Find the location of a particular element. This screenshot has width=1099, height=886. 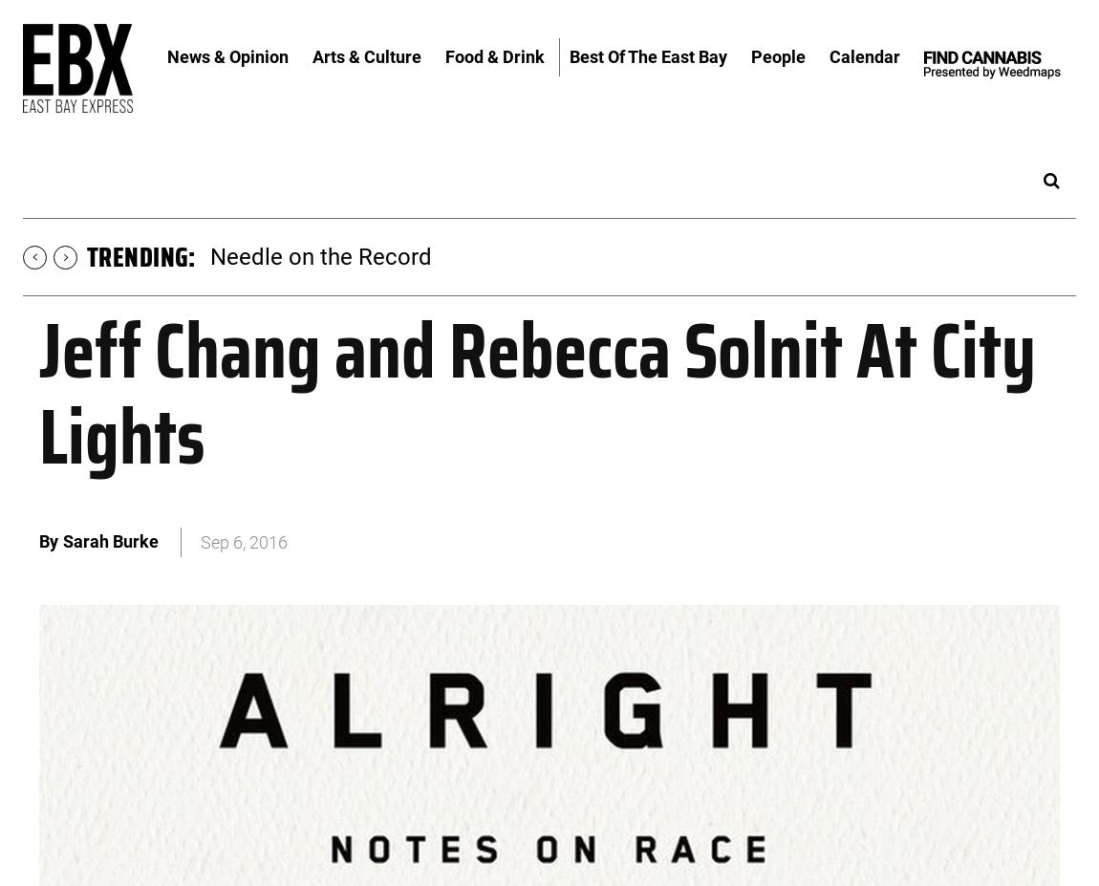

'Dance Your Heart Out' is located at coordinates (319, 255).